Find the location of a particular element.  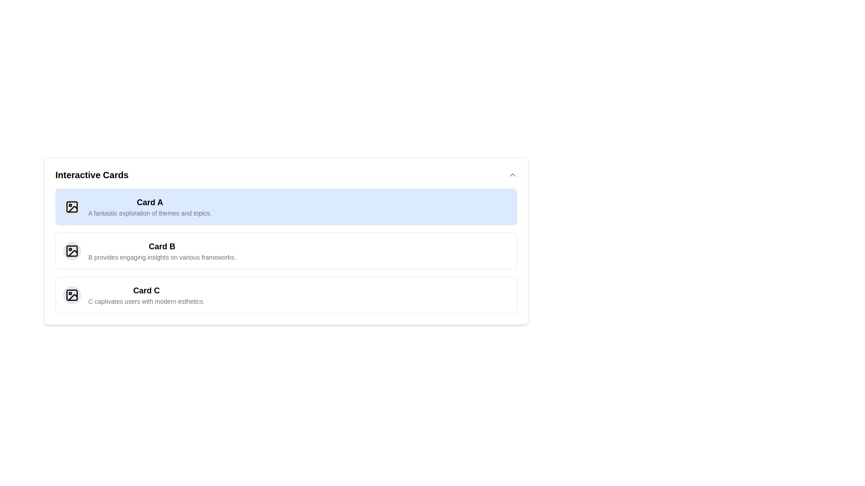

the small icon with a square frame and rounded corners, featuring a circular mark and a slanted line, located in the 'Card B' section under 'Interactive Cards' is located at coordinates (71, 251).